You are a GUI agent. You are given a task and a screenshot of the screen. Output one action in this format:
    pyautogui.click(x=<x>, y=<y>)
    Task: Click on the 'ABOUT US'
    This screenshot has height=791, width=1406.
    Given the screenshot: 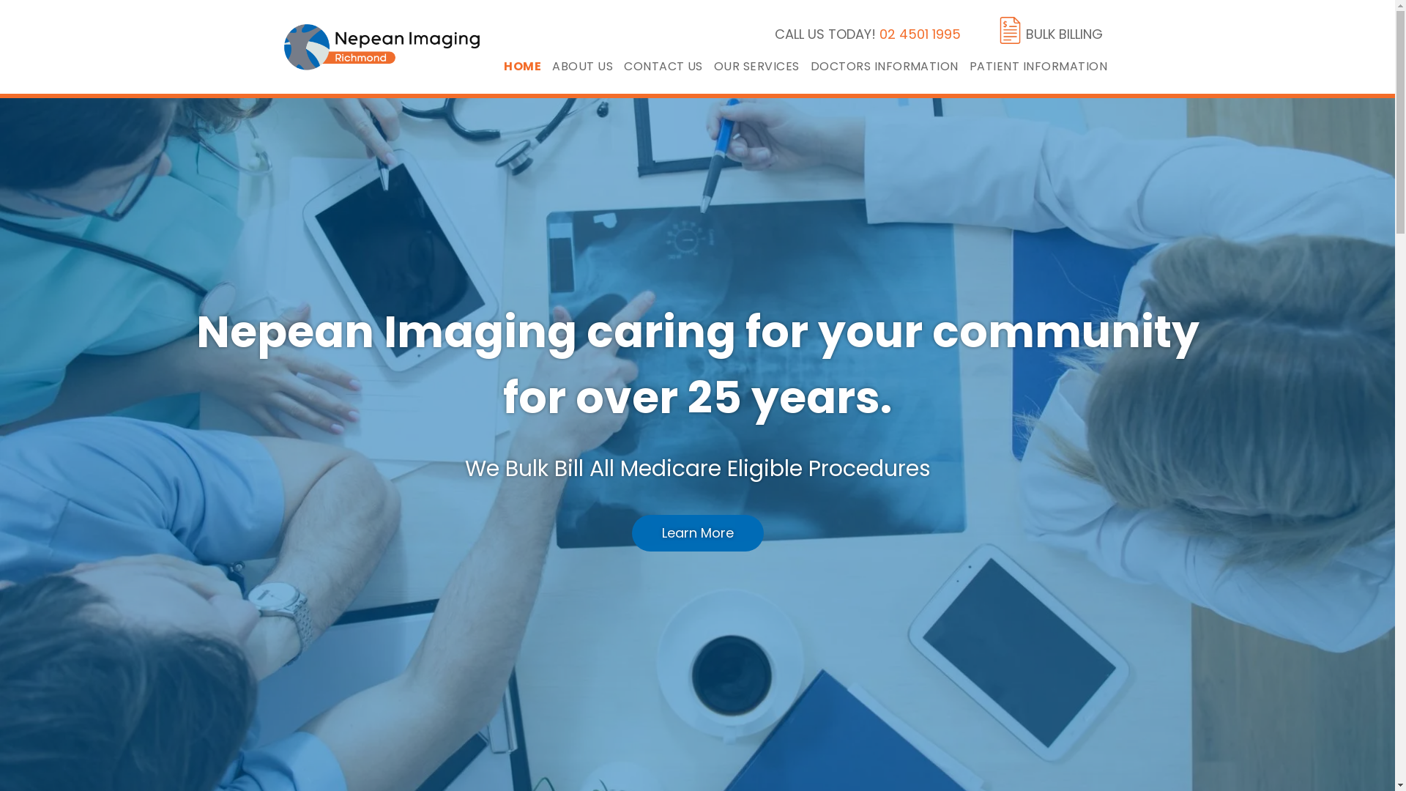 What is the action you would take?
    pyautogui.click(x=587, y=66)
    